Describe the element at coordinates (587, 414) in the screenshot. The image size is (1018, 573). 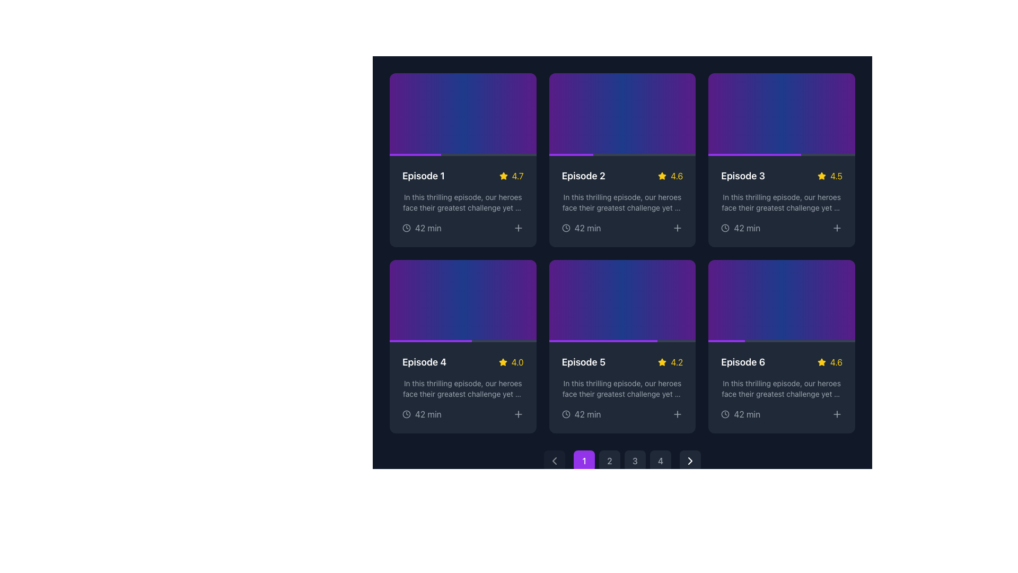
I see `the label displaying '42 min' that indicates the duration of the episode in the bottom-left corner of the 'Episode 5' card` at that location.